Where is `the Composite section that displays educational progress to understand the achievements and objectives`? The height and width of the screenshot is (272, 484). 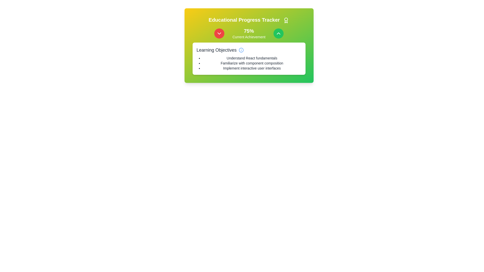
the Composite section that displays educational progress to understand the achievements and objectives is located at coordinates (249, 46).